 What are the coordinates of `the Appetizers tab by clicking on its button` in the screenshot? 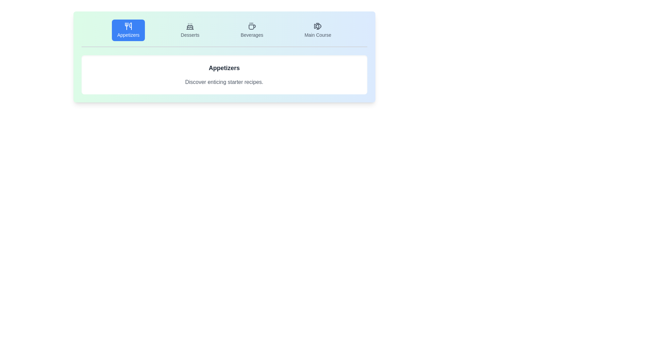 It's located at (128, 30).